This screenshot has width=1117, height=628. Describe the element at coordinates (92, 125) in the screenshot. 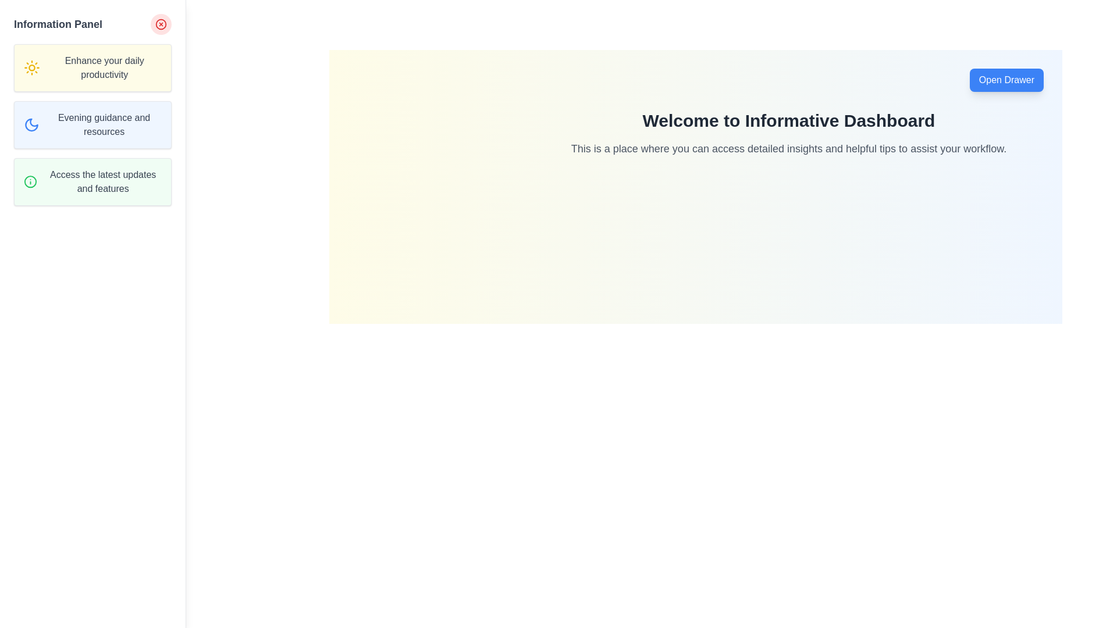

I see `the informational card titled 'Evening guidance and resources', which is the second item in a vertical list on the left panel` at that location.